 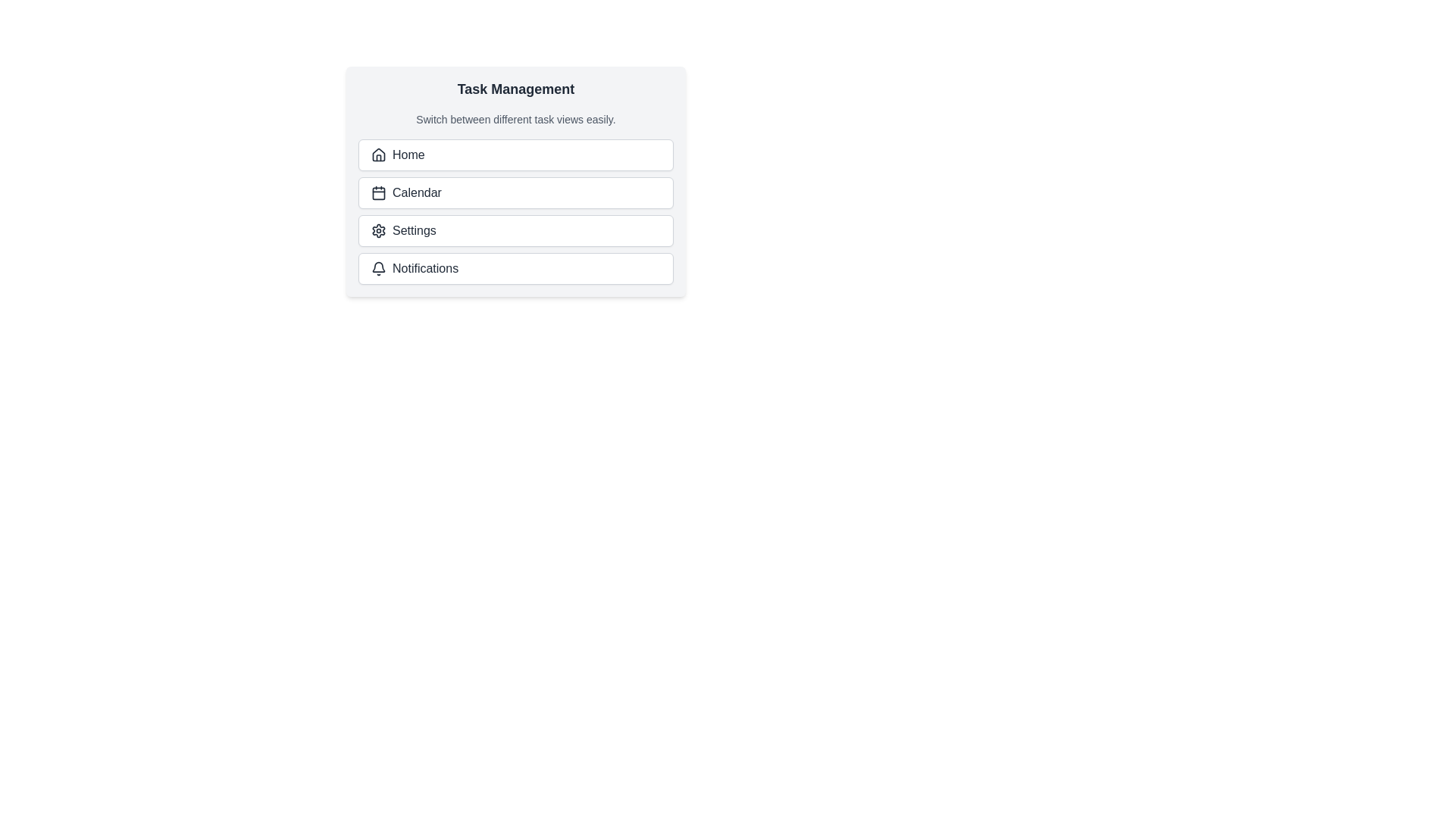 I want to click on the 'Calendar' button, which is the second button in the vertical stack of buttons, so click(x=516, y=192).